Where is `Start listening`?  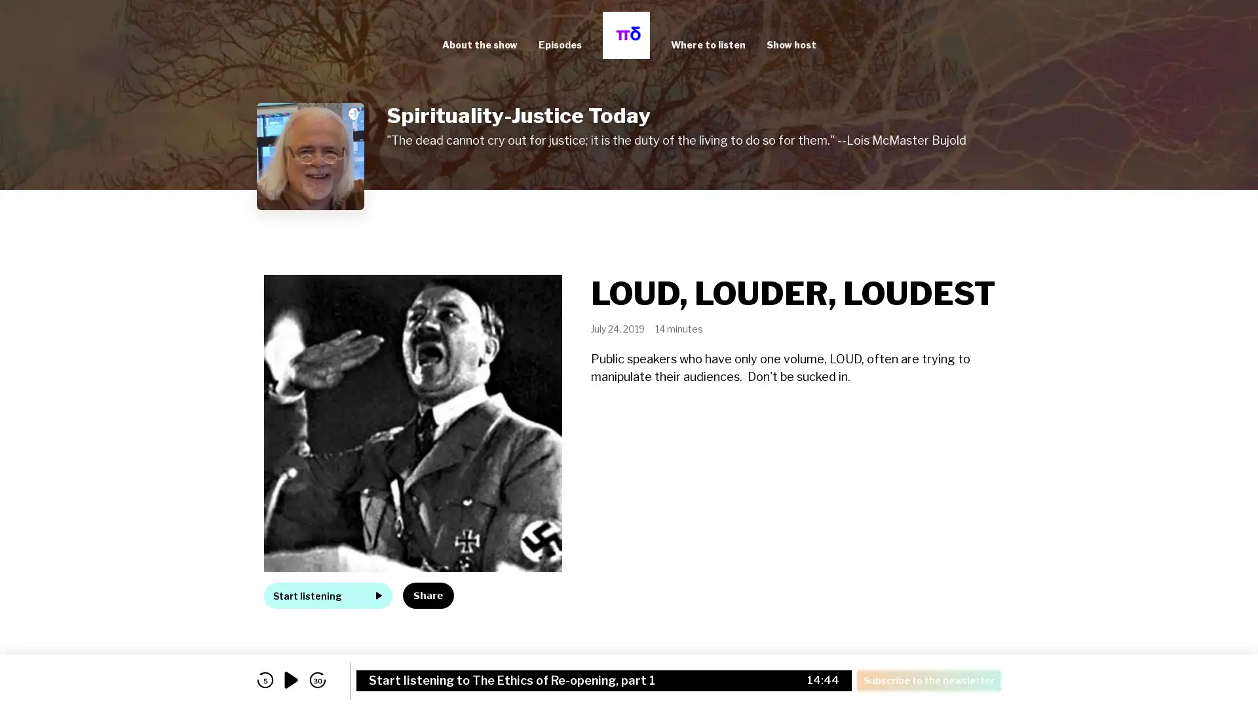
Start listening is located at coordinates (328, 596).